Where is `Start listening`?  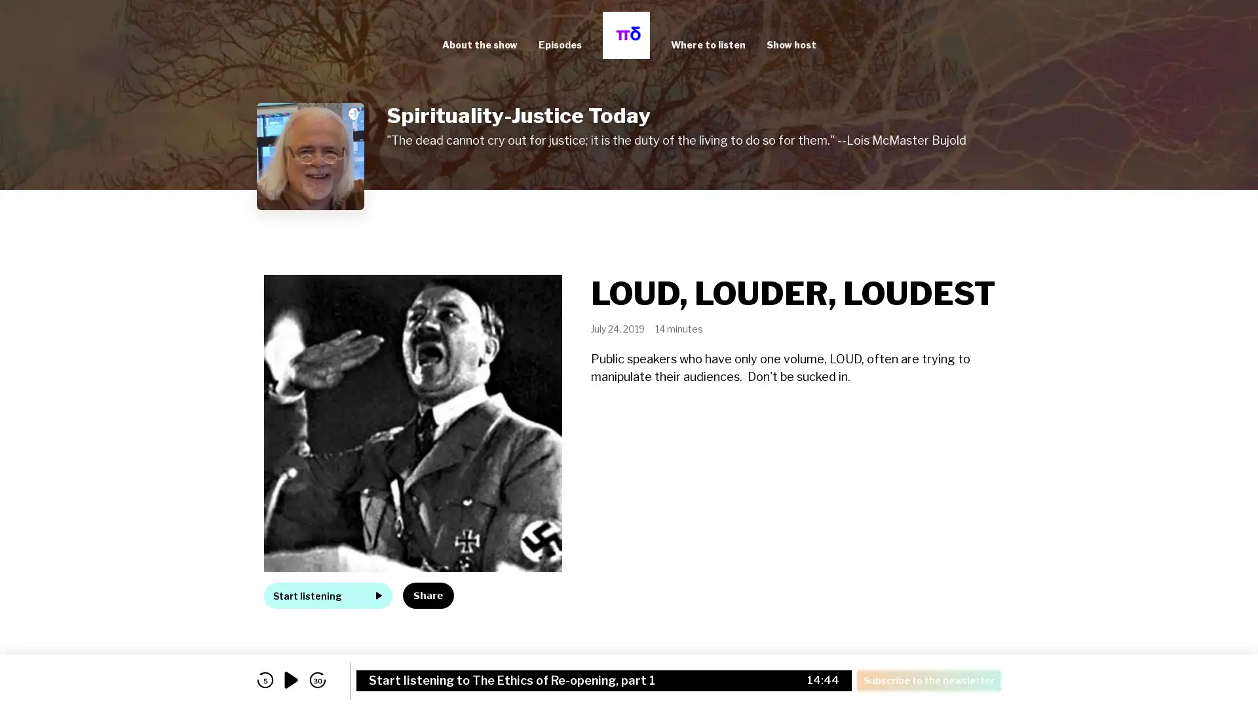
Start listening is located at coordinates (328, 596).